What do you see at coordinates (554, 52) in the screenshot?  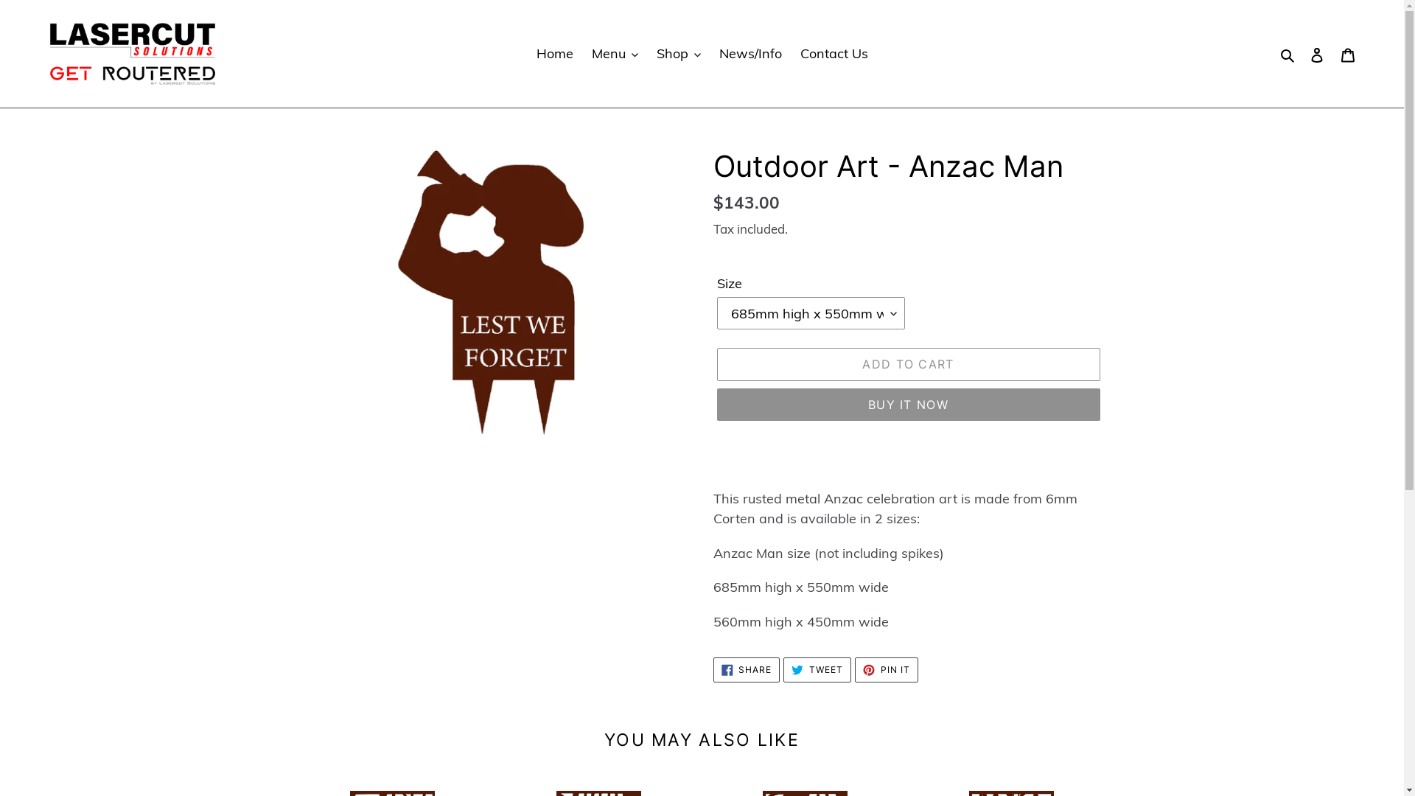 I see `'Home'` at bounding box center [554, 52].